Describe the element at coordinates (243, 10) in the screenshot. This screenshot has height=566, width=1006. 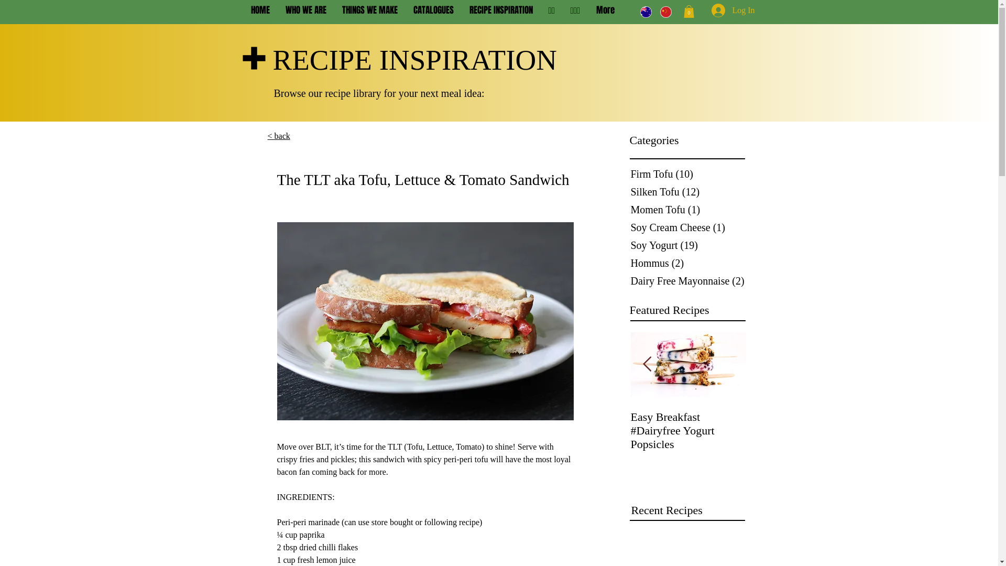
I see `'HOME'` at that location.